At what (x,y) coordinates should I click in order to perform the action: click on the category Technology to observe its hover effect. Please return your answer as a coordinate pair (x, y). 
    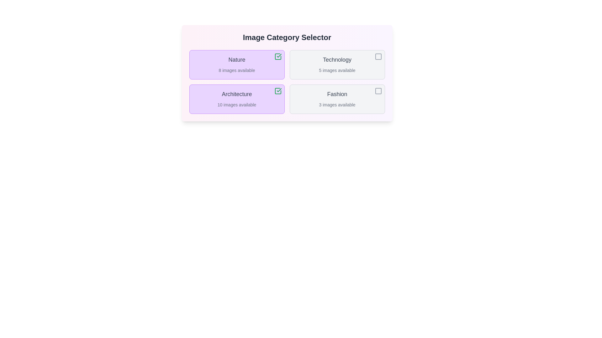
    Looking at the image, I should click on (337, 65).